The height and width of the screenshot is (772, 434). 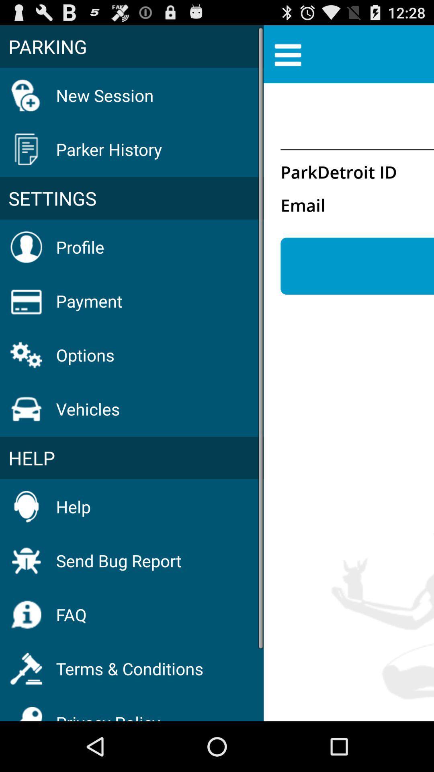 What do you see at coordinates (89, 300) in the screenshot?
I see `the payment item` at bounding box center [89, 300].